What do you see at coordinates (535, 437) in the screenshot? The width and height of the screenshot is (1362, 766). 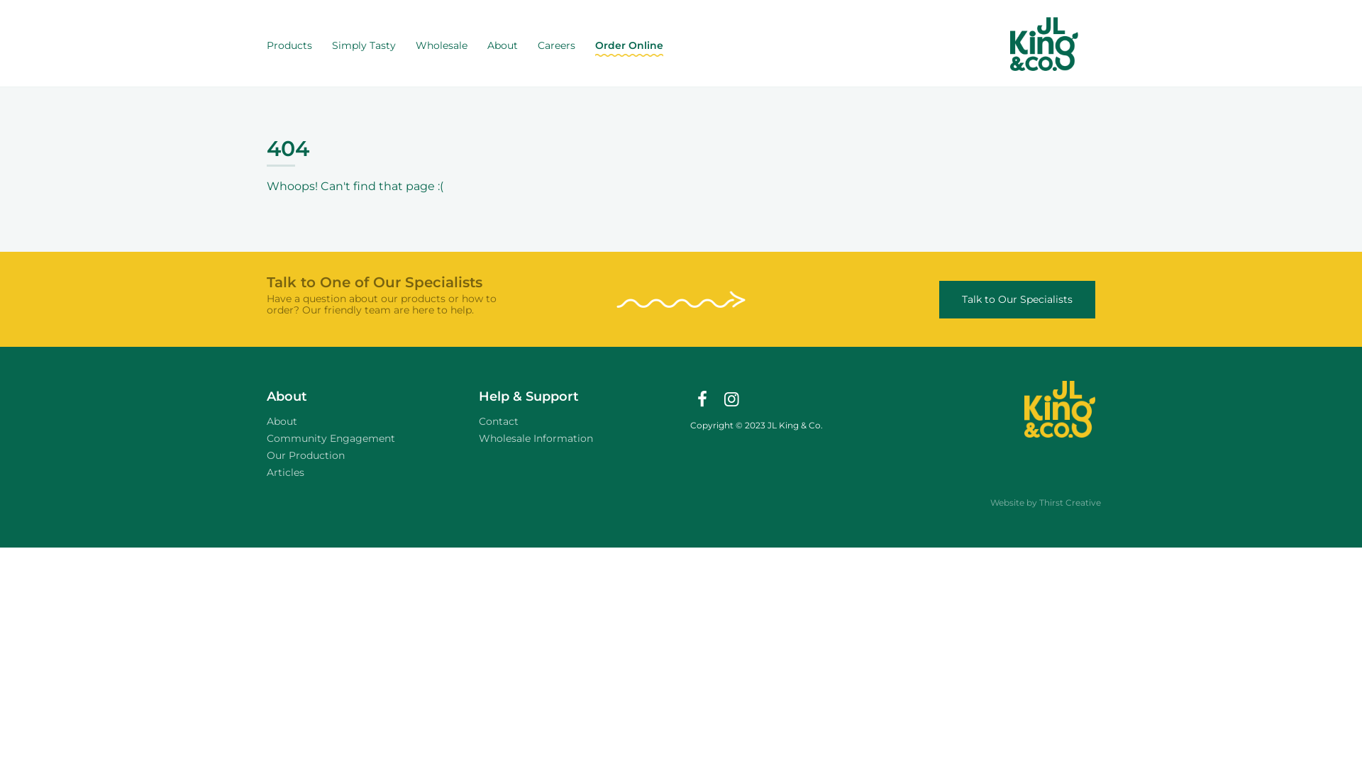 I see `'Wholesale Information'` at bounding box center [535, 437].